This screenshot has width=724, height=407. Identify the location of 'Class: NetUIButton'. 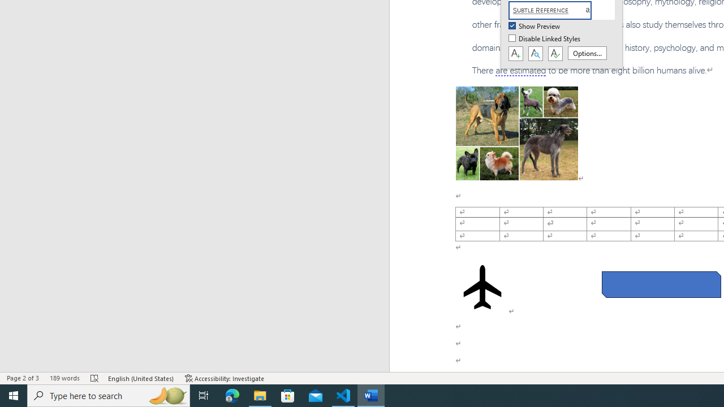
(555, 54).